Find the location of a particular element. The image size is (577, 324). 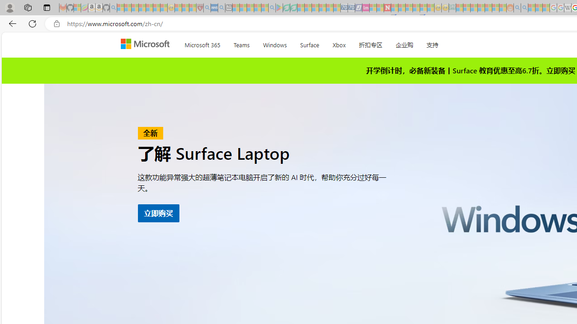

'Teams' is located at coordinates (242, 43).